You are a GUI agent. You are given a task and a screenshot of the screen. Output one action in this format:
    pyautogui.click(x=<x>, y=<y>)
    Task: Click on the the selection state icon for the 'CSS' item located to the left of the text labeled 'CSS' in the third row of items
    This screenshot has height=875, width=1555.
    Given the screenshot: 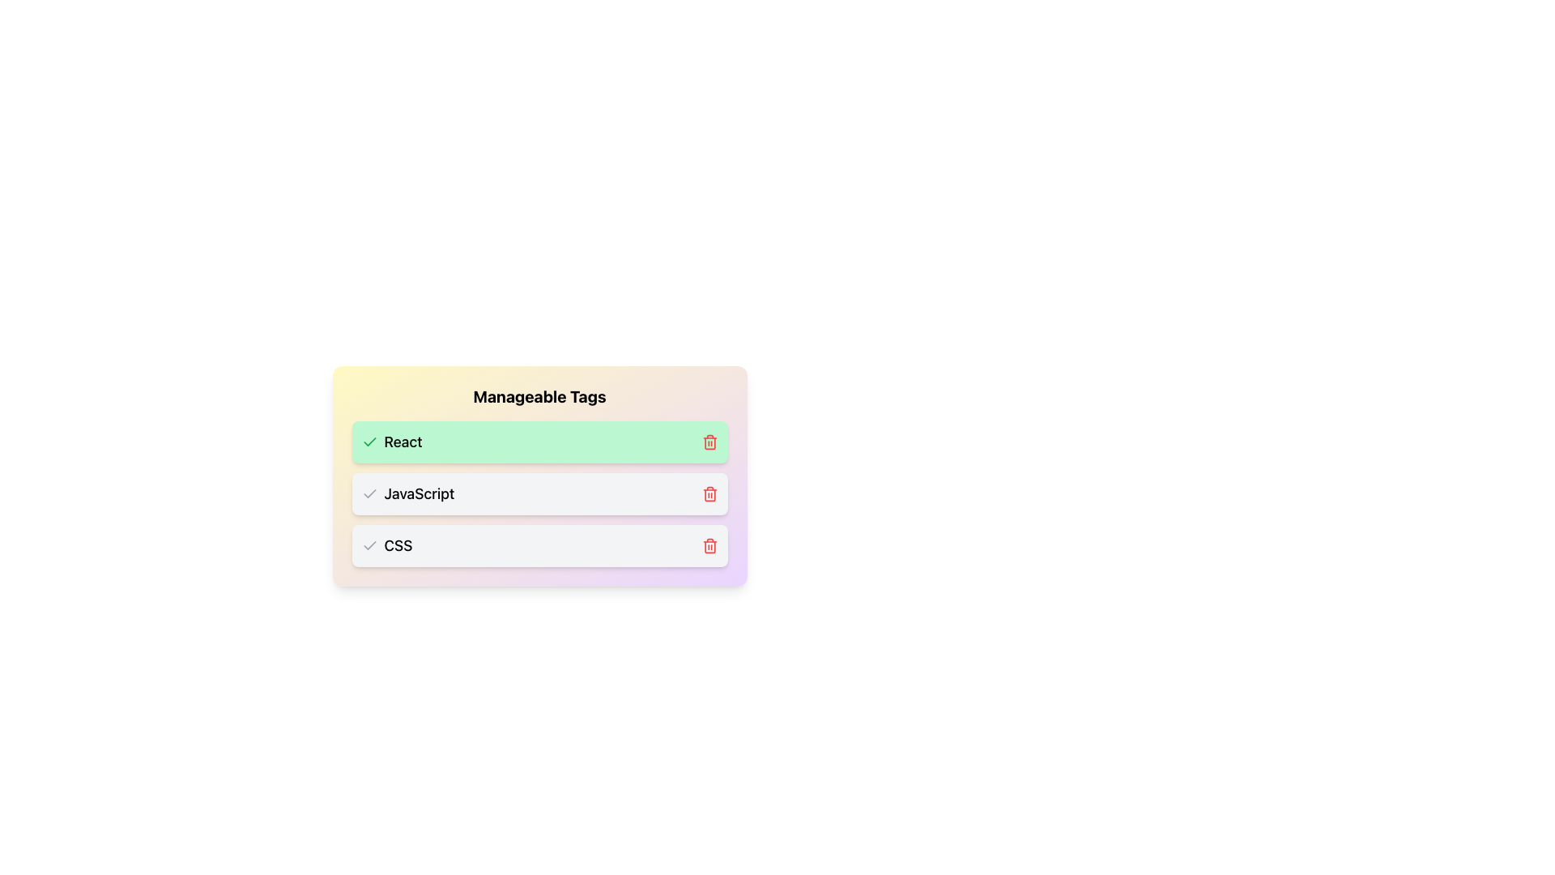 What is the action you would take?
    pyautogui.click(x=369, y=546)
    